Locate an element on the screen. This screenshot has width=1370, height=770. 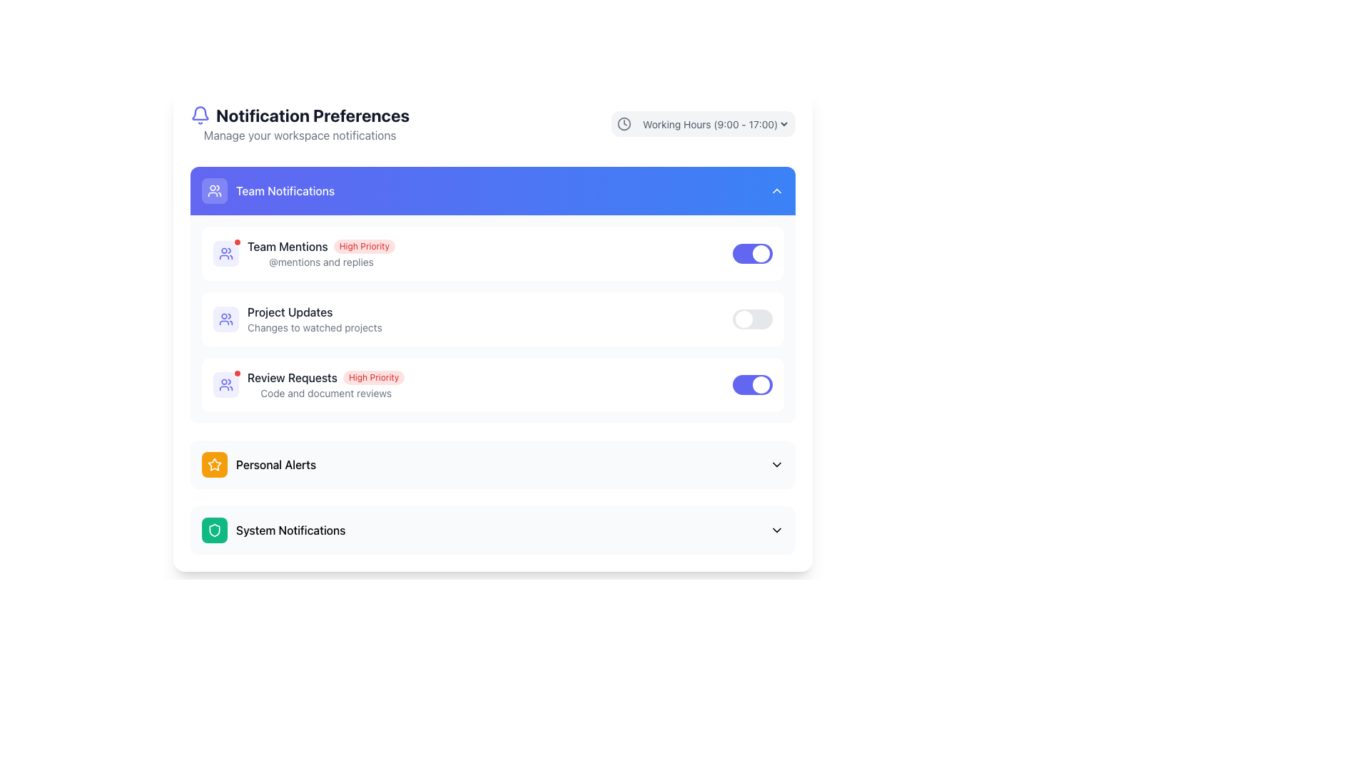
the 'Project Updates' toggle switch control panel section located under the 'Team Notifications' section, which allows users to enable or disable notifications for this category is located at coordinates (493, 318).